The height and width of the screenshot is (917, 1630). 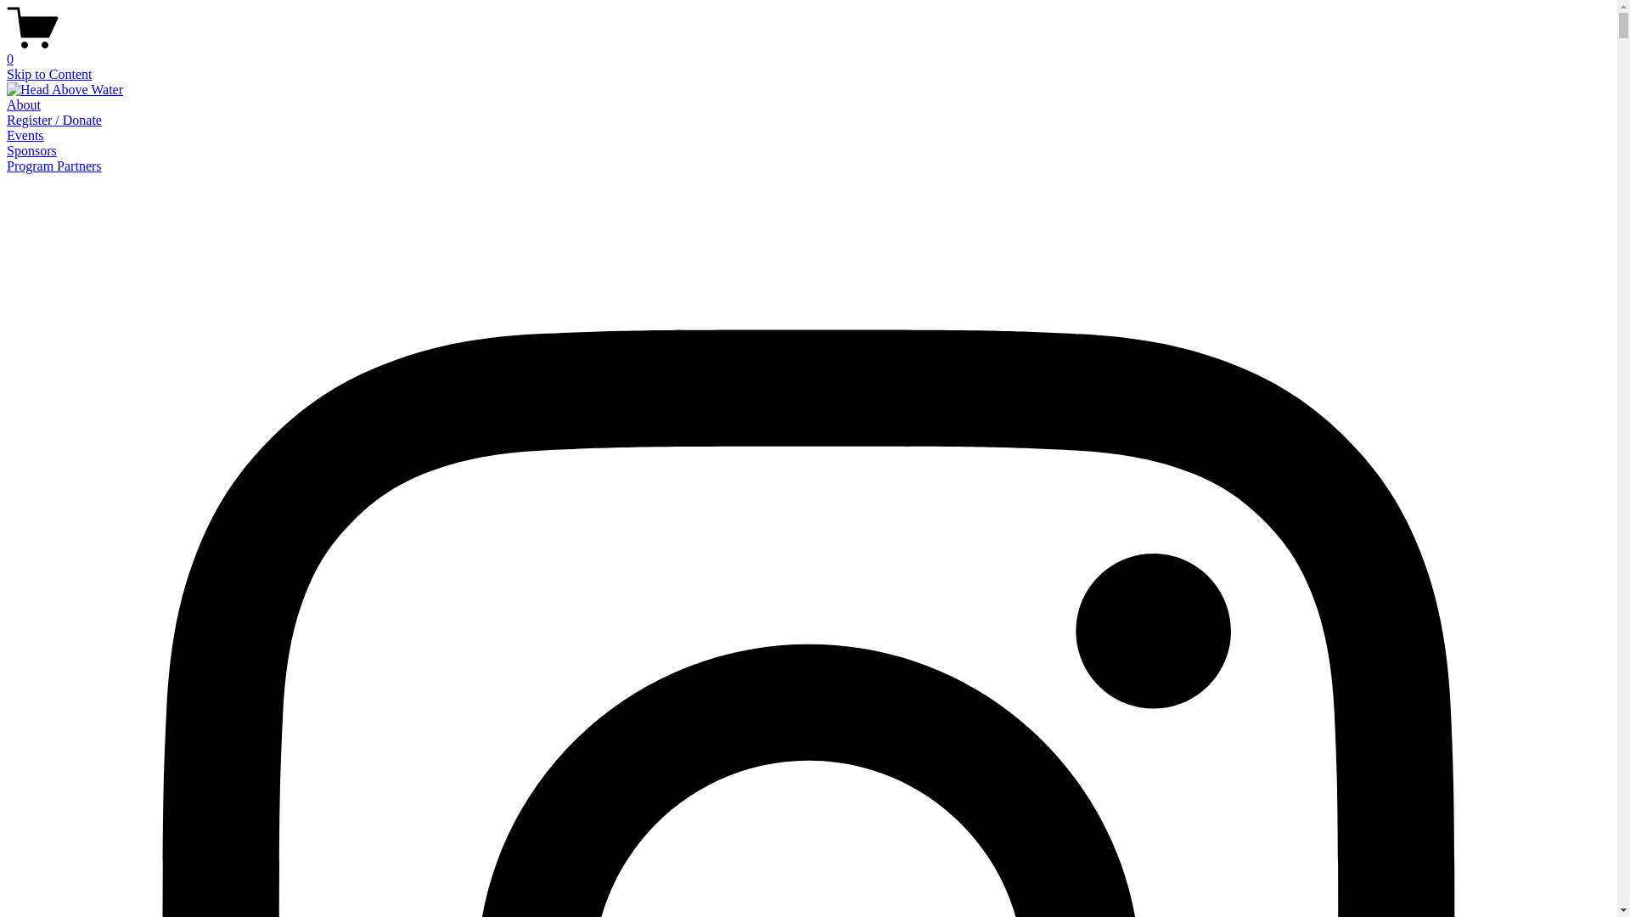 I want to click on 'Program Partners', so click(x=53, y=166).